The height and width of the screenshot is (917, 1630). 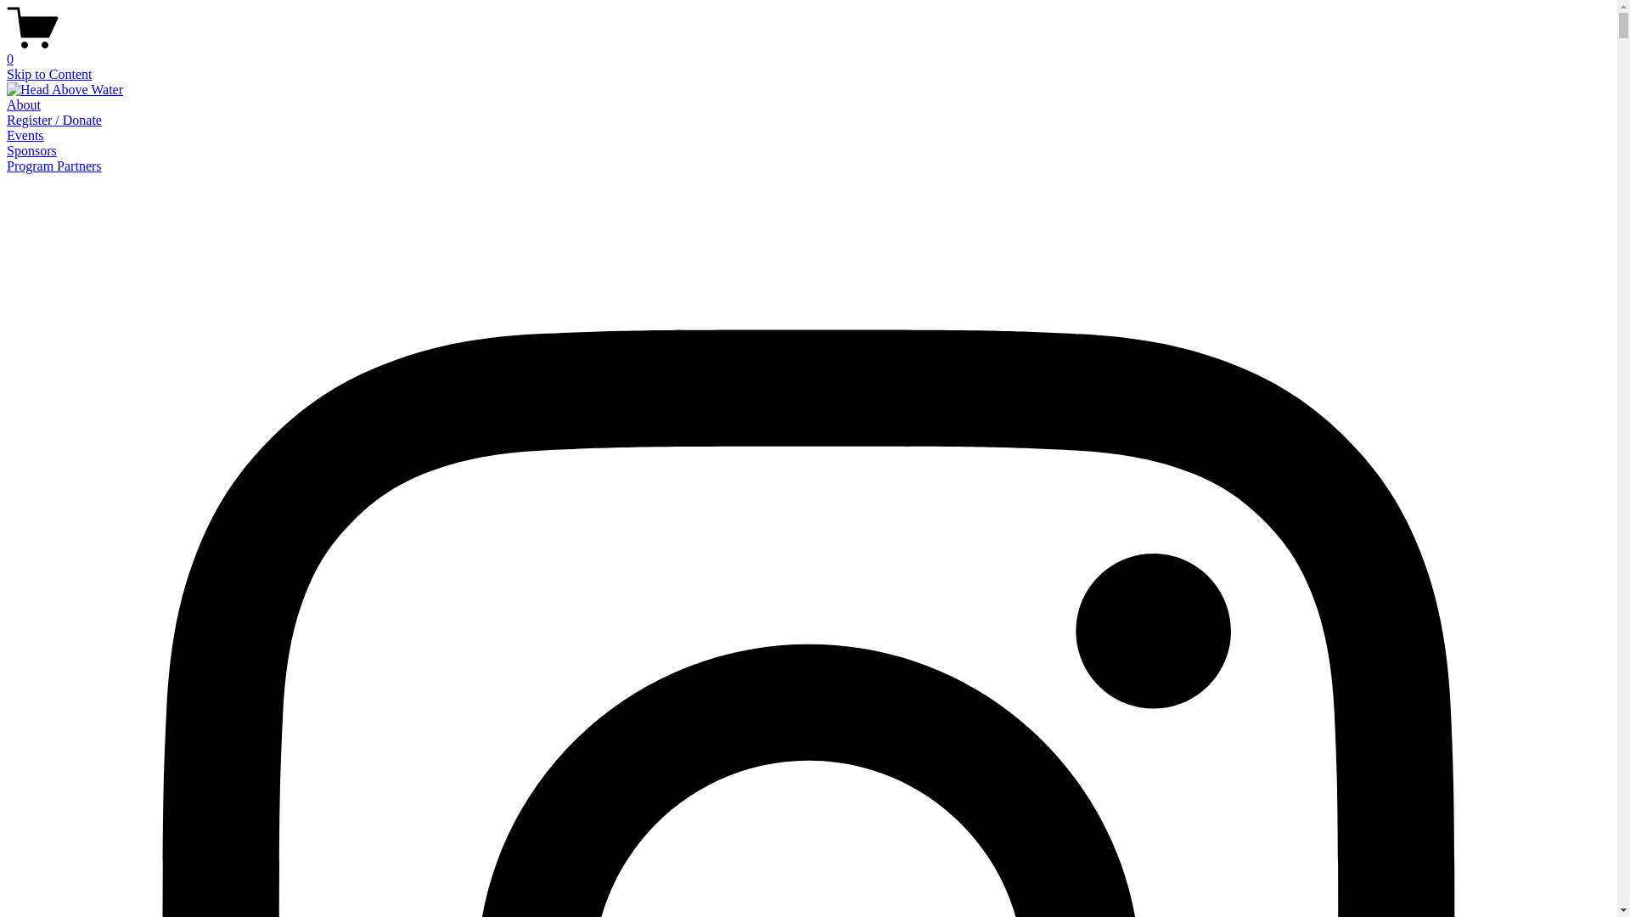 I want to click on 'Program Partners', so click(x=53, y=166).